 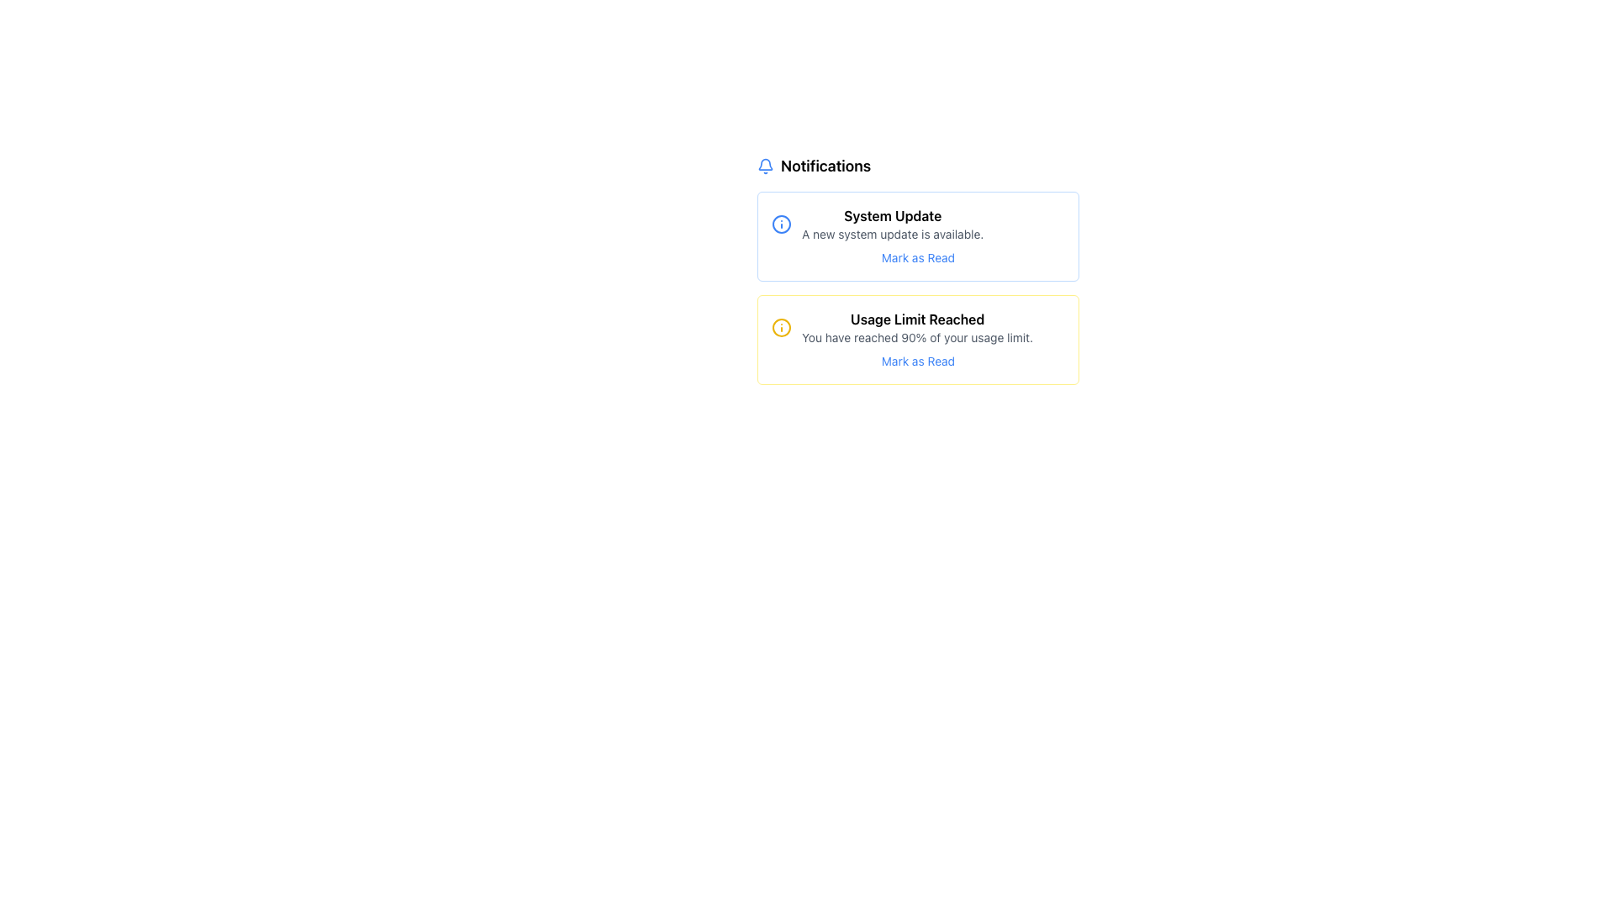 What do you see at coordinates (916, 337) in the screenshot?
I see `the text block styled with a small font size and gray color, reading 'You have reached 90% of your usage limit.' which is located under the heading 'Usage Limit Reached' in the notification box` at bounding box center [916, 337].